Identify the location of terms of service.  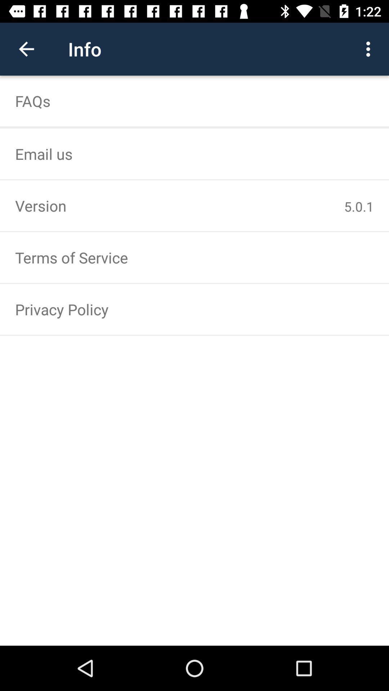
(194, 257).